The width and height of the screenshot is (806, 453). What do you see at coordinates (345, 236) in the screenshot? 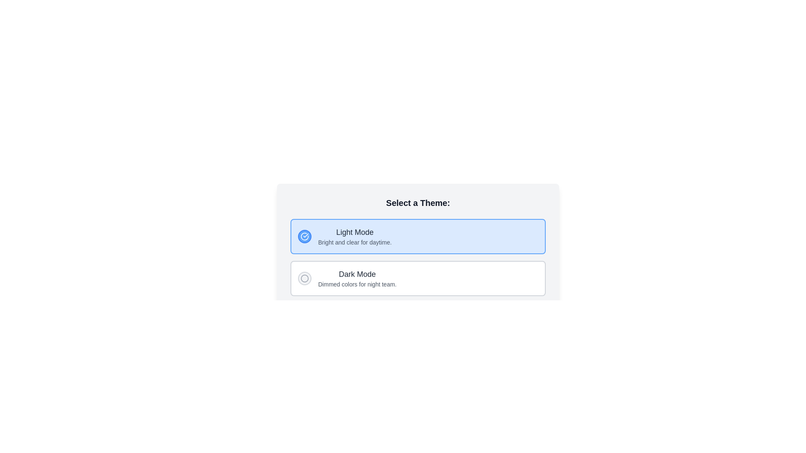
I see `the selectable option for the light theme` at bounding box center [345, 236].